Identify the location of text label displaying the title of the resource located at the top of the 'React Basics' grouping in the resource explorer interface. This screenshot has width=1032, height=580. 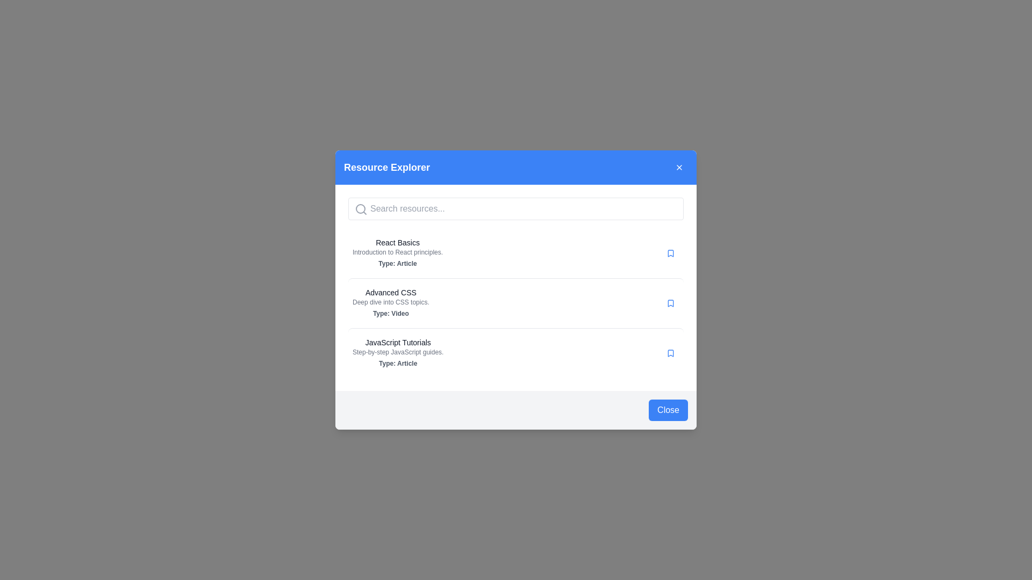
(397, 242).